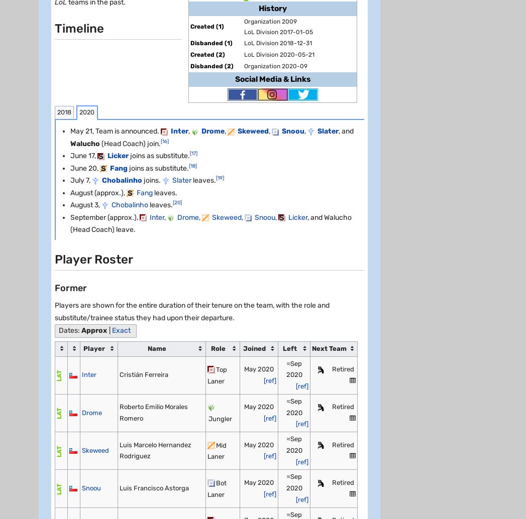  I want to click on 'What is Fandom?', so click(68, 377).